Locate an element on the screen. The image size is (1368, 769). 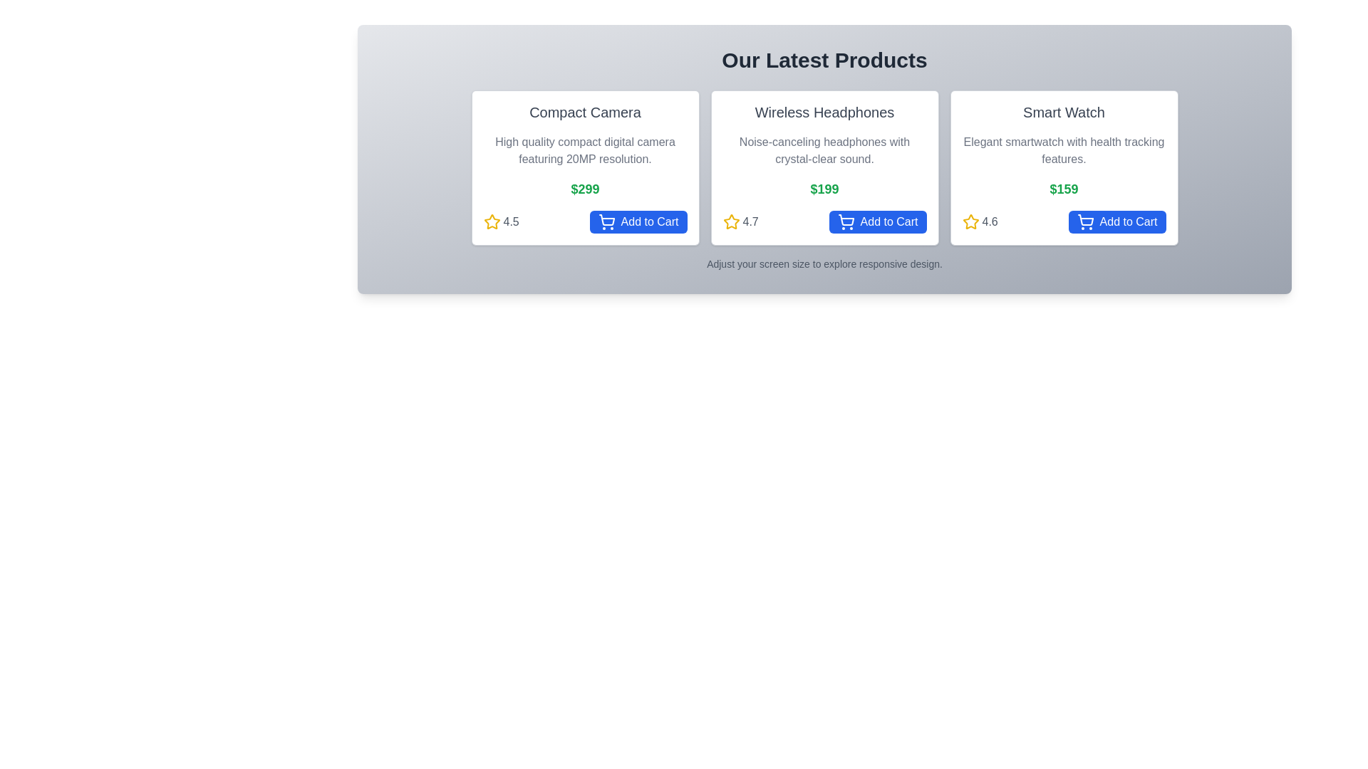
the 'Add to Cart' button for the third product card labeled 'Smart Watch' by clicking on its icon located at the bottom-right of the card is located at coordinates (1084, 220).